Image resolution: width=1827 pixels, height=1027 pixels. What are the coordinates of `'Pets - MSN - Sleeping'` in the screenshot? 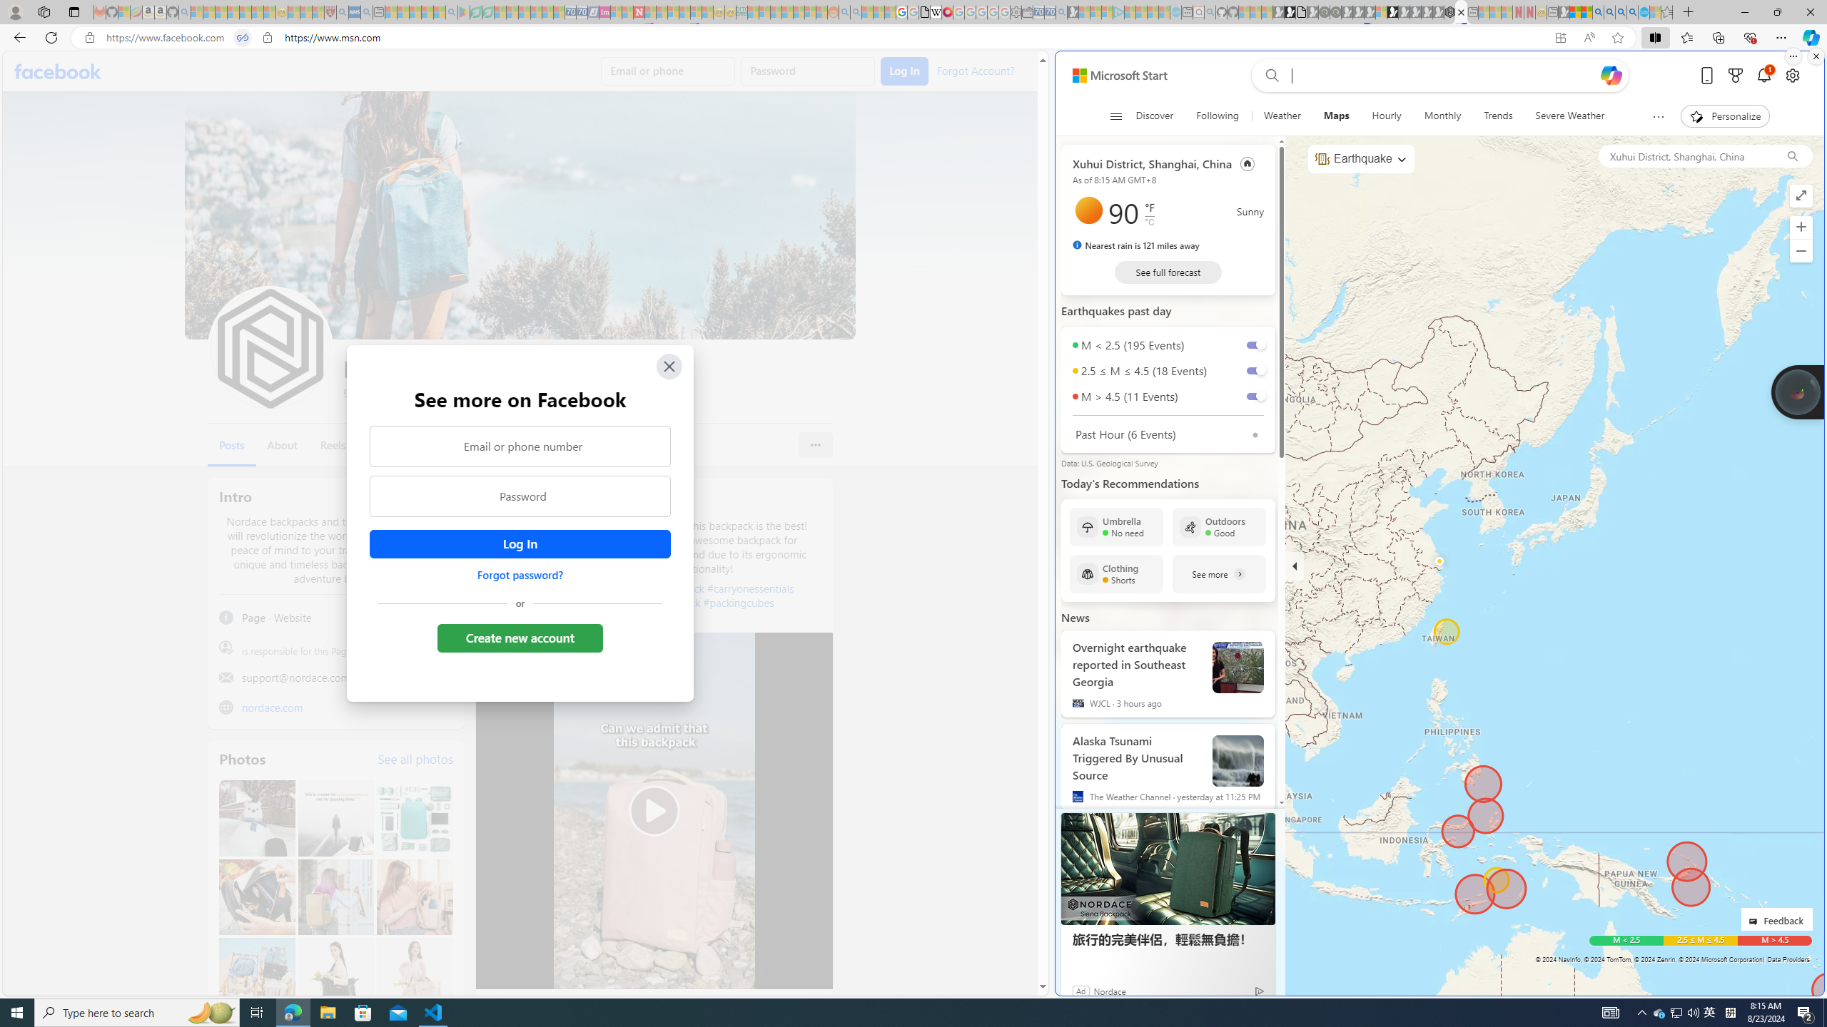 It's located at (427, 11).